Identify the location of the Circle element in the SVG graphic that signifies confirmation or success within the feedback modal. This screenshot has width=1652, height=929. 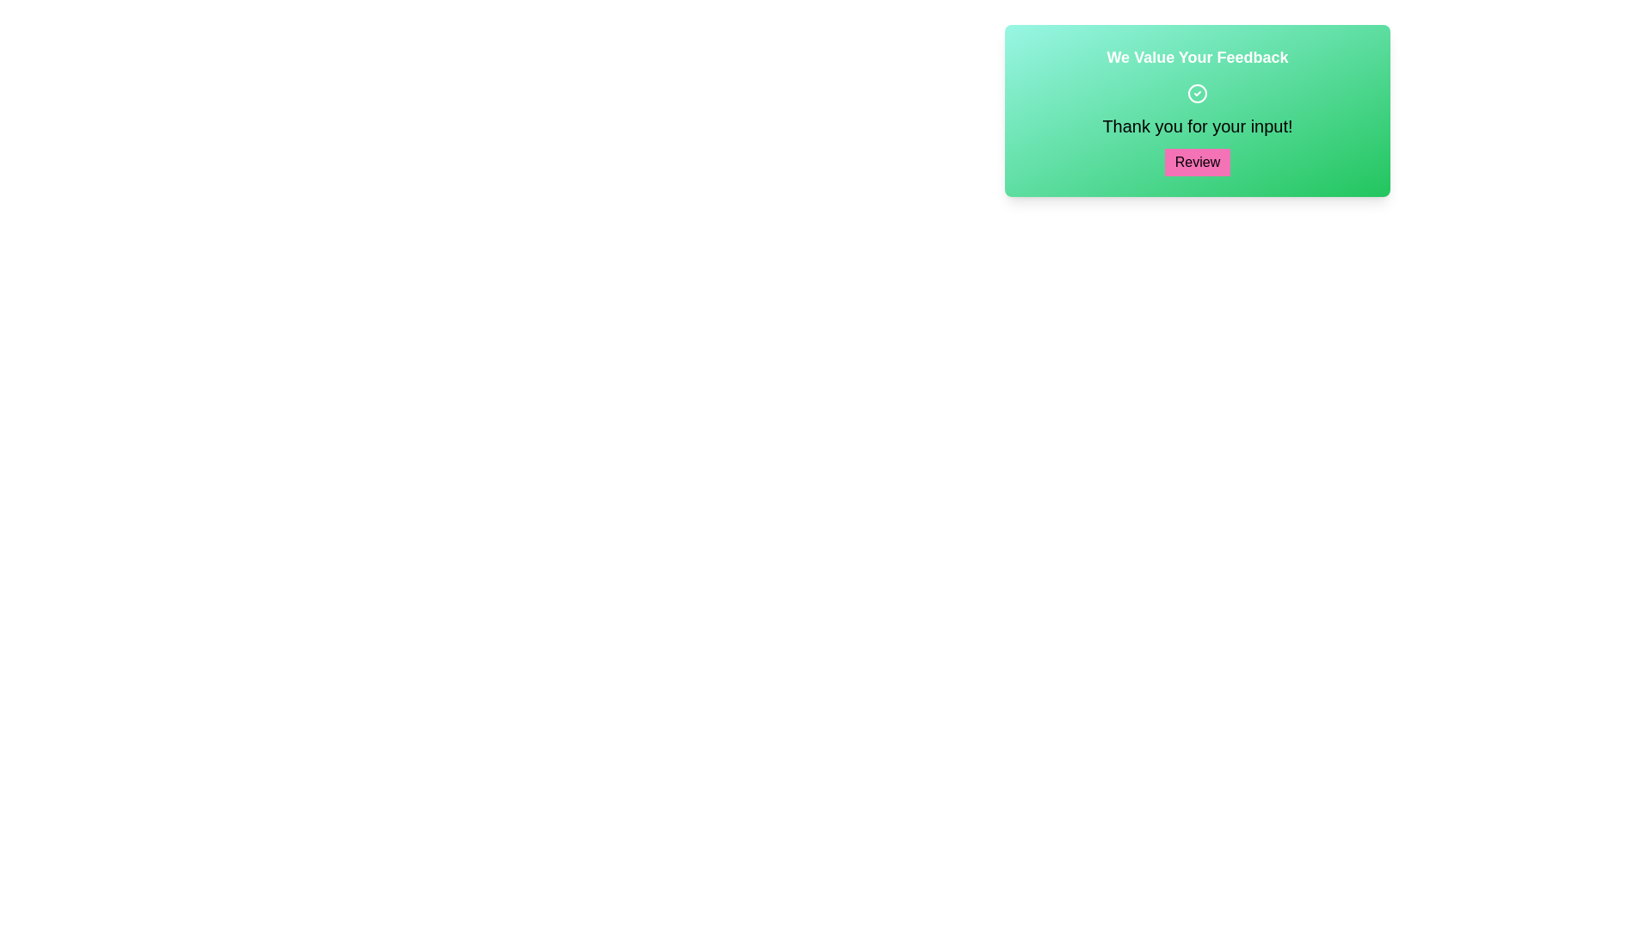
(1197, 93).